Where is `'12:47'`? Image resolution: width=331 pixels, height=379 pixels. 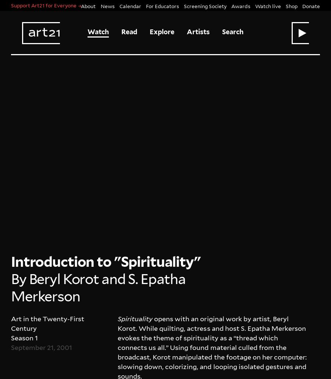 '12:47' is located at coordinates (146, 170).